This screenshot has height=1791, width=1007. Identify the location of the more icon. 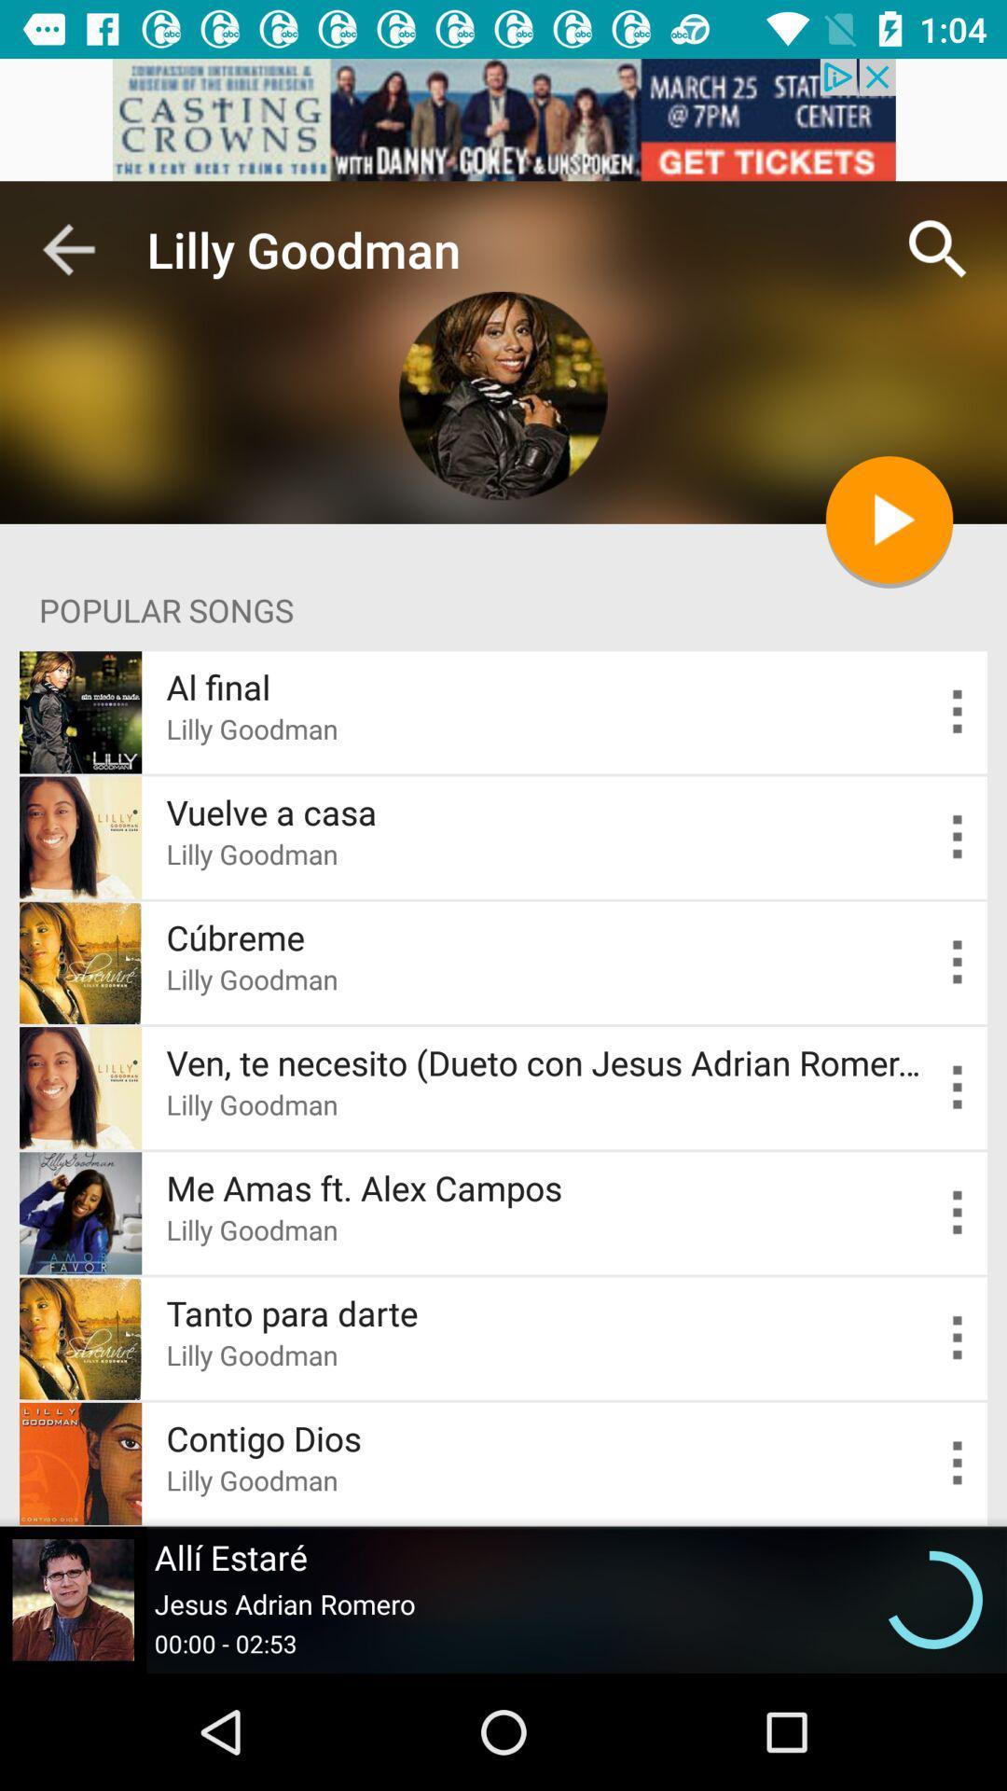
(958, 1213).